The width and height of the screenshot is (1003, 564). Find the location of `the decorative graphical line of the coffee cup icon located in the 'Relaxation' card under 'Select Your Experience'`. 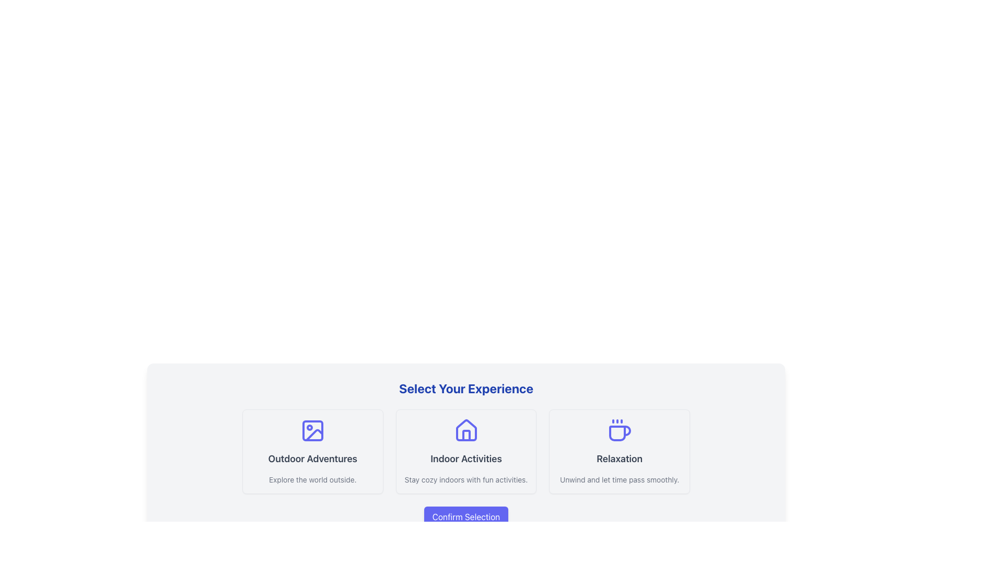

the decorative graphical line of the coffee cup icon located in the 'Relaxation' card under 'Select Your Experience' is located at coordinates (620, 433).